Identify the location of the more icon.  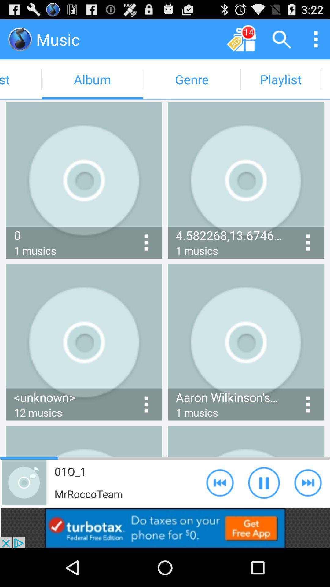
(316, 42).